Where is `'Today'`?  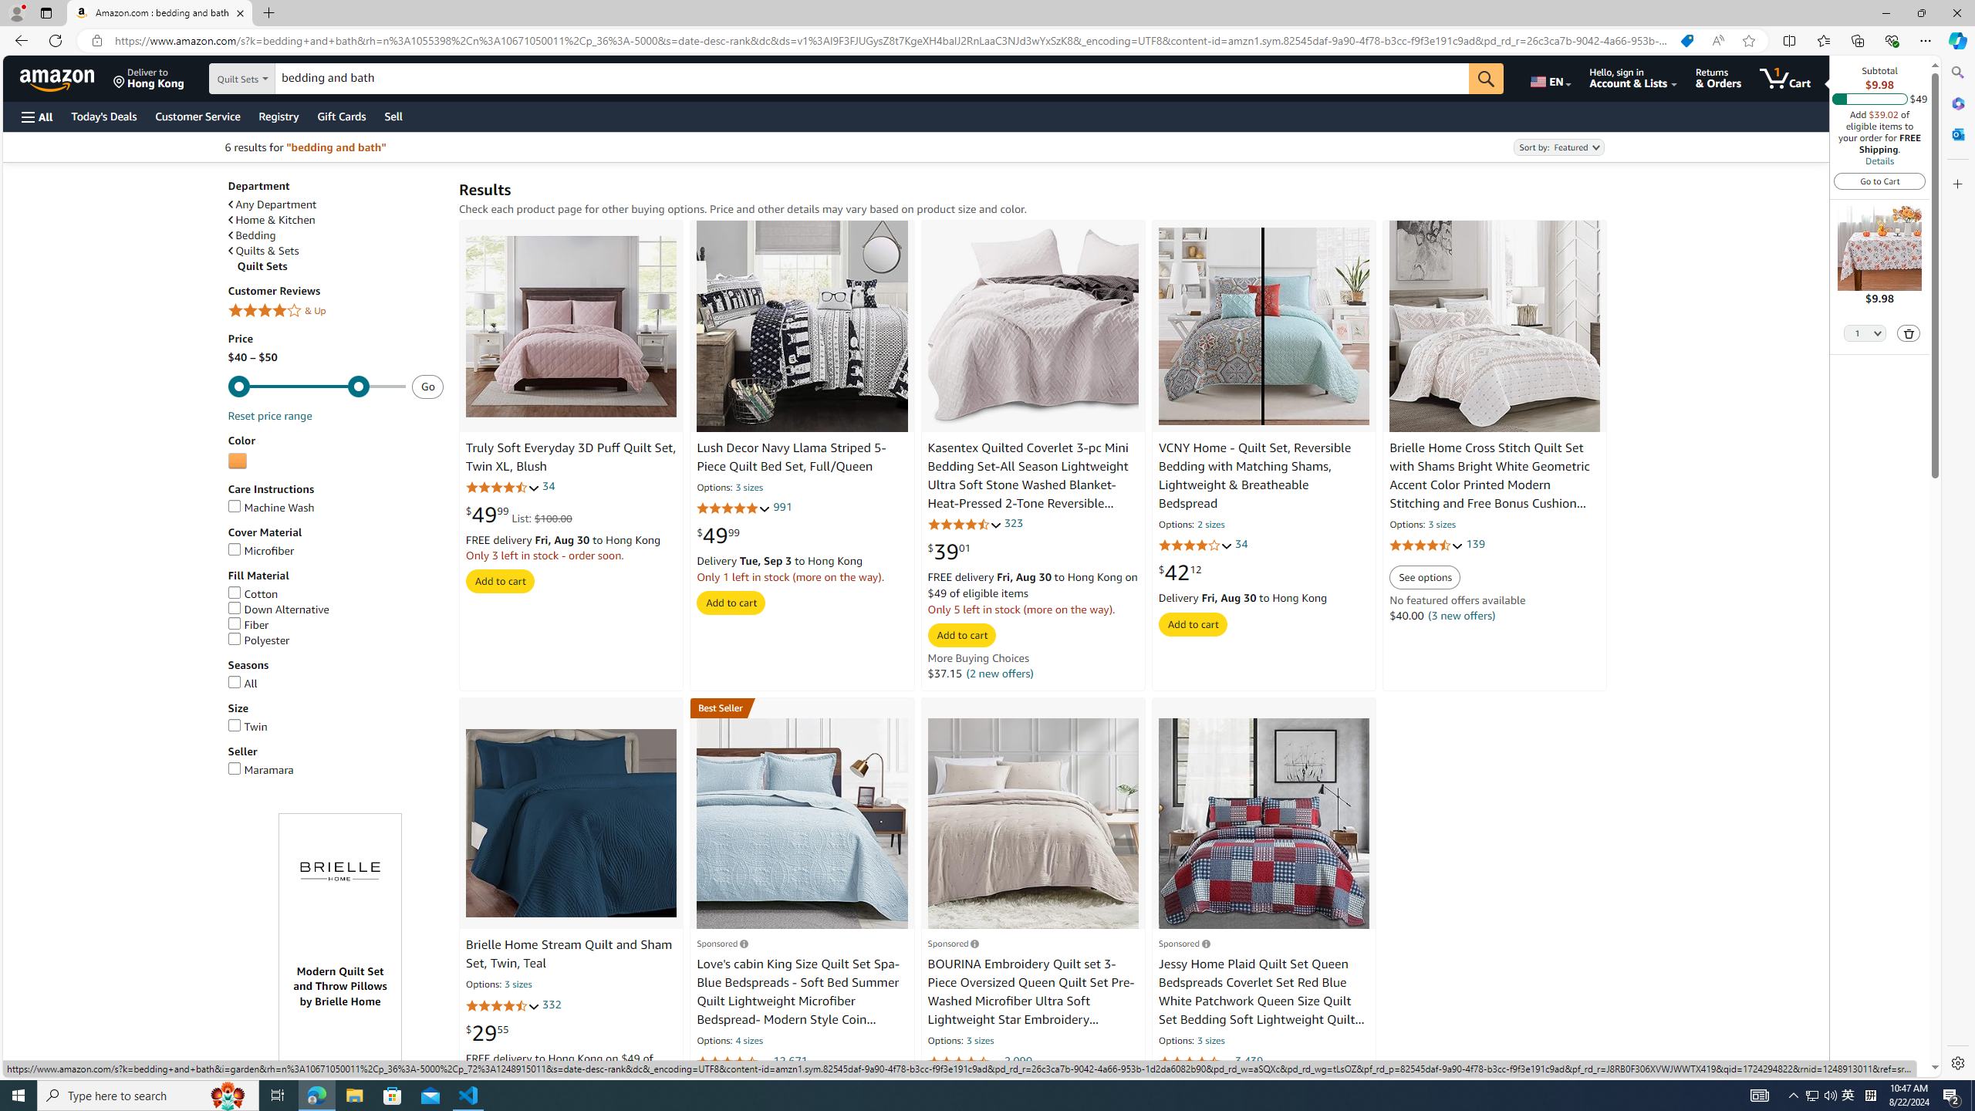
'Today' is located at coordinates (103, 116).